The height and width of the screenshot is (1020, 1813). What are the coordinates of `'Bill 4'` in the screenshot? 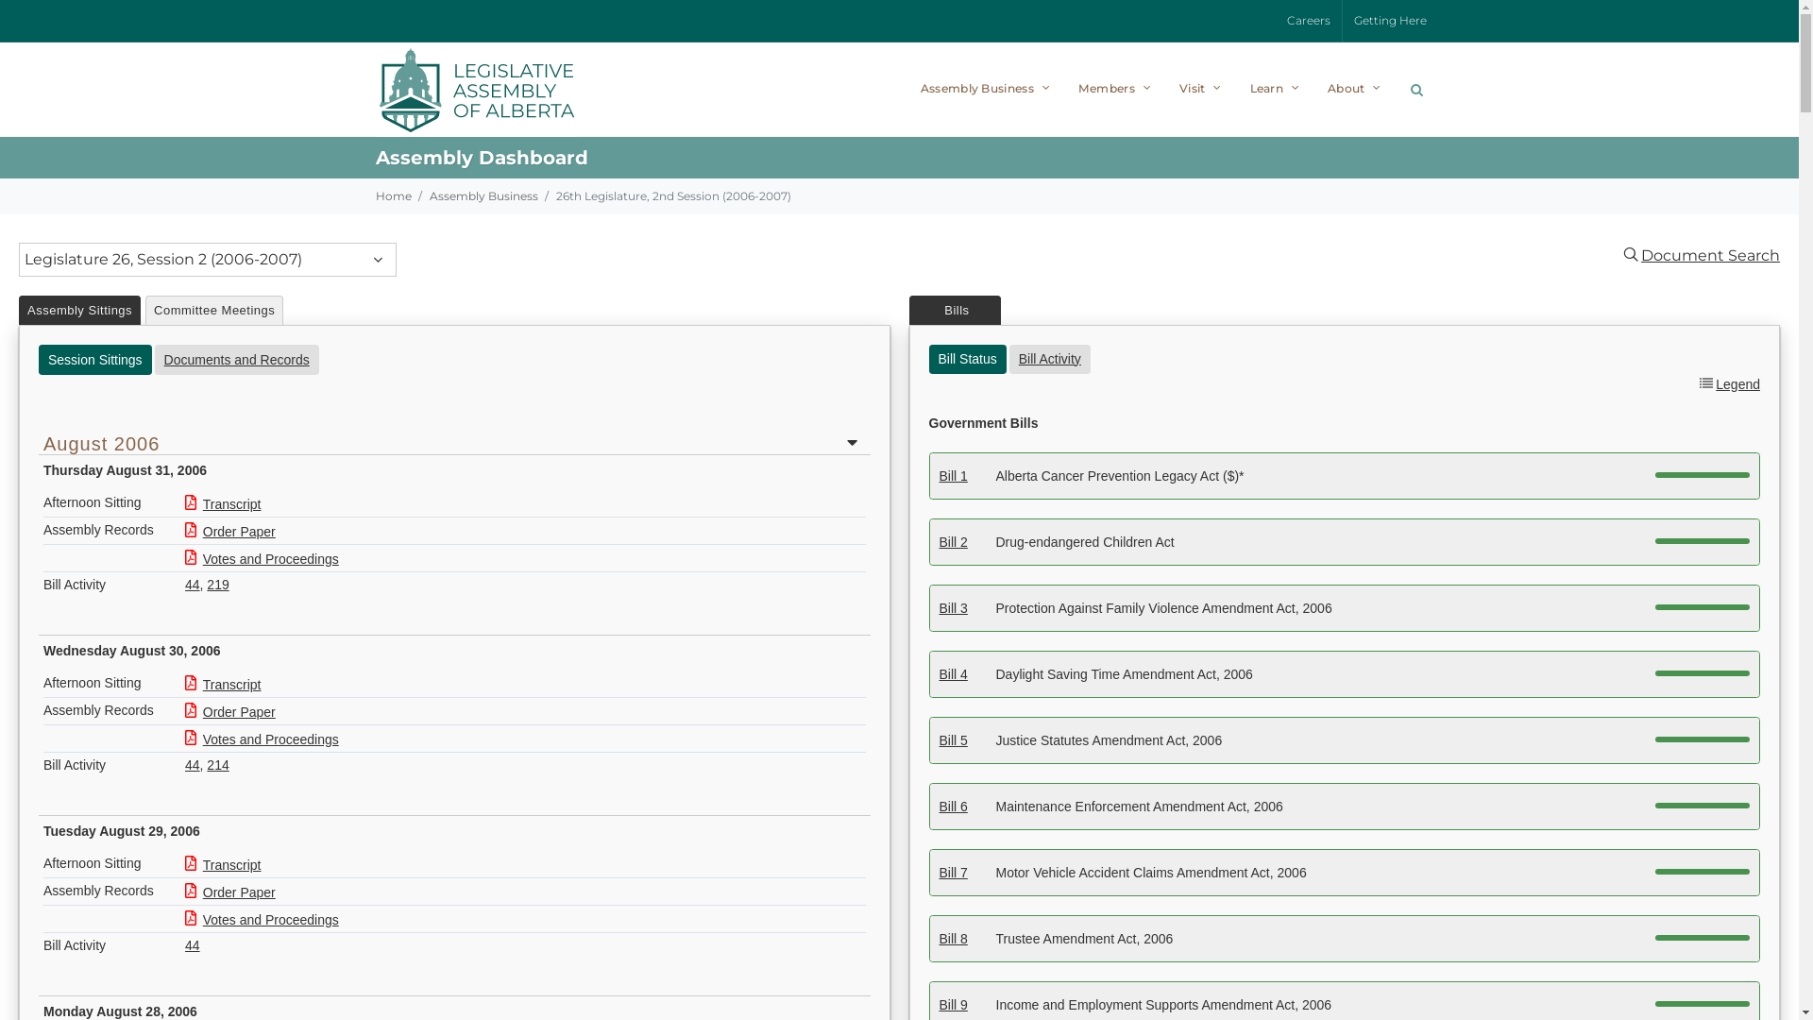 It's located at (952, 672).